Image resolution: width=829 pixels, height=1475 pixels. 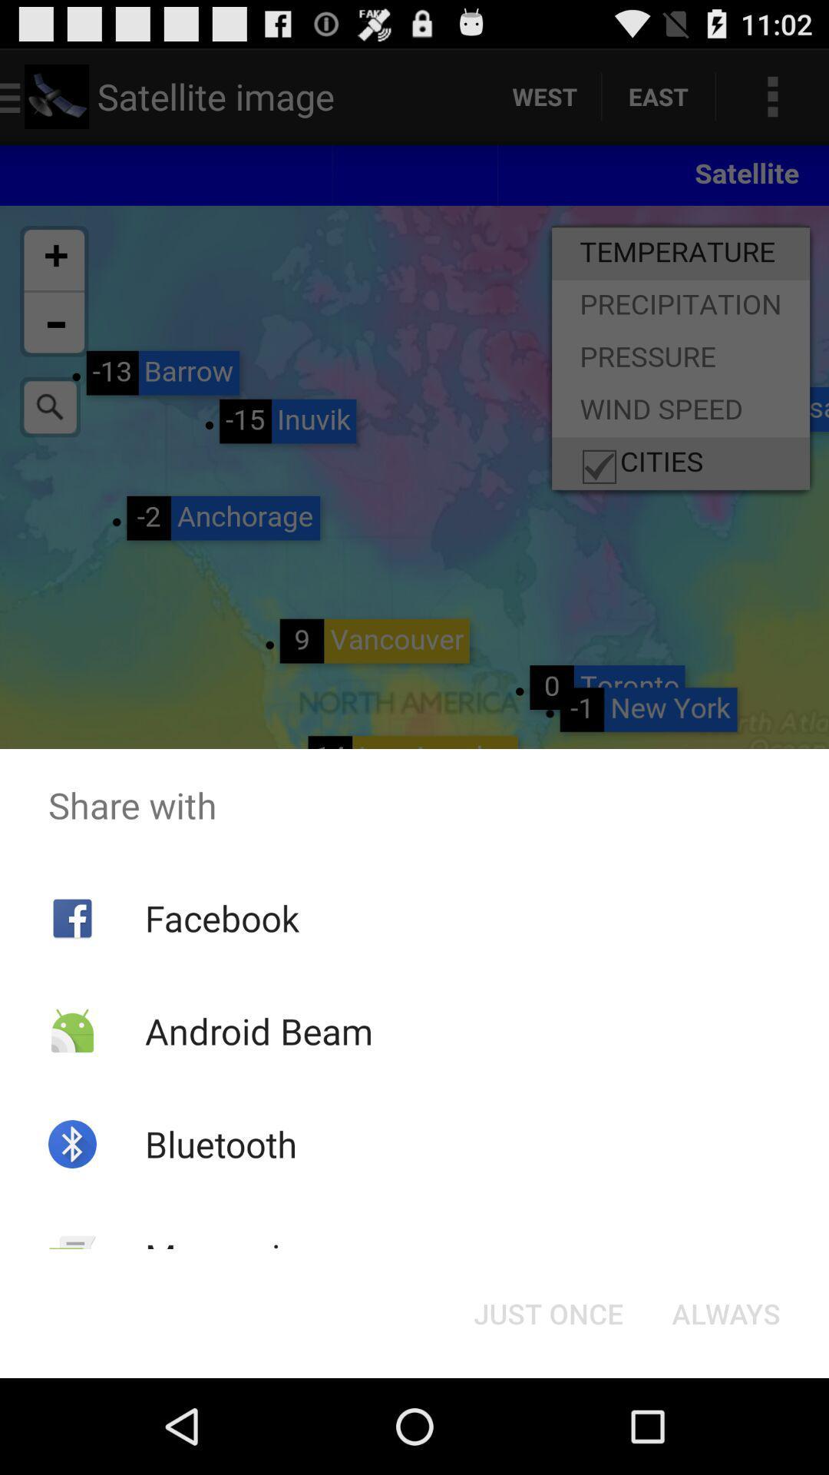 I want to click on icon to the right of the messaging app, so click(x=547, y=1312).